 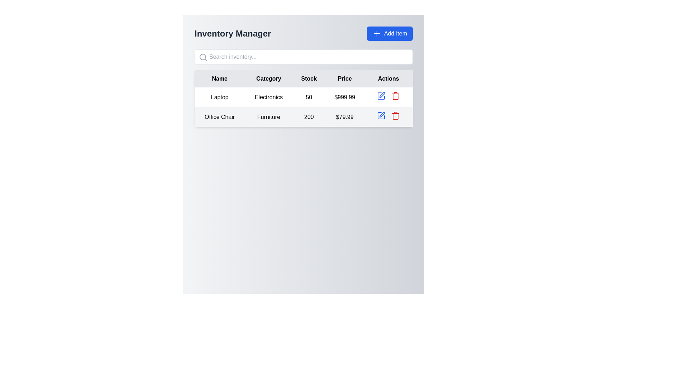 What do you see at coordinates (390, 33) in the screenshot?
I see `the blue rounded rectangular button labeled 'Add Item' located on the right side of the header section` at bounding box center [390, 33].